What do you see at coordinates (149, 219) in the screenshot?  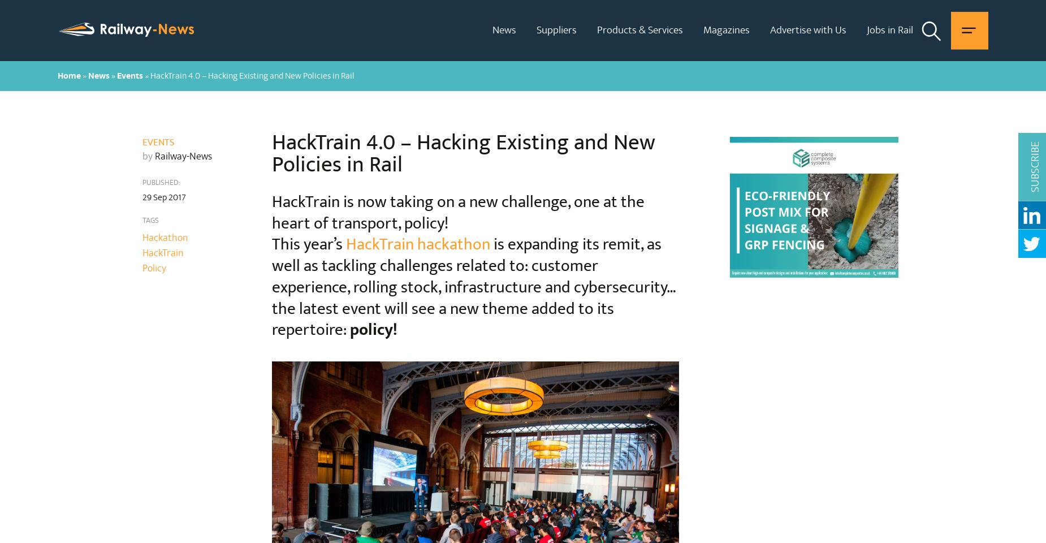 I see `'Tags'` at bounding box center [149, 219].